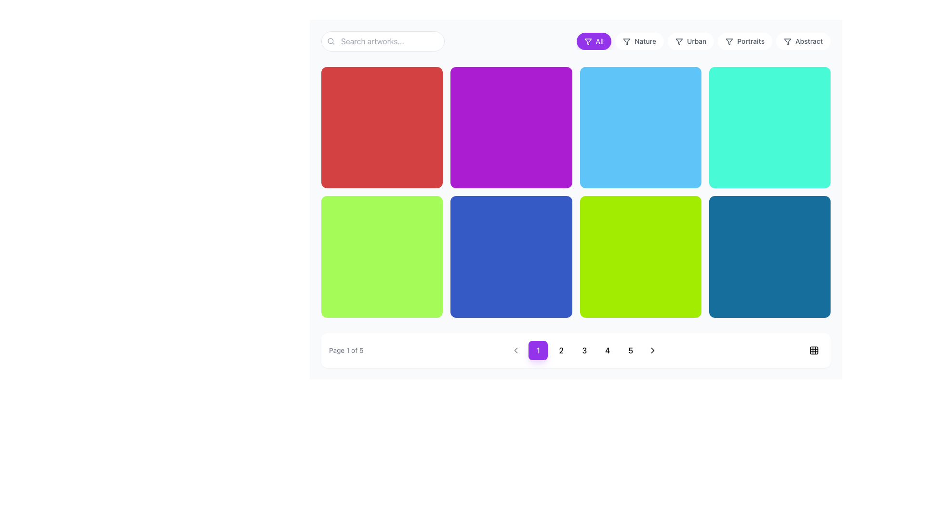 Image resolution: width=925 pixels, height=520 pixels. Describe the element at coordinates (788, 41) in the screenshot. I see `the filtering icon located in the upper-right section of the interface, part of the toolbar before the textual filter labels like 'All' and 'Nature'` at that location.